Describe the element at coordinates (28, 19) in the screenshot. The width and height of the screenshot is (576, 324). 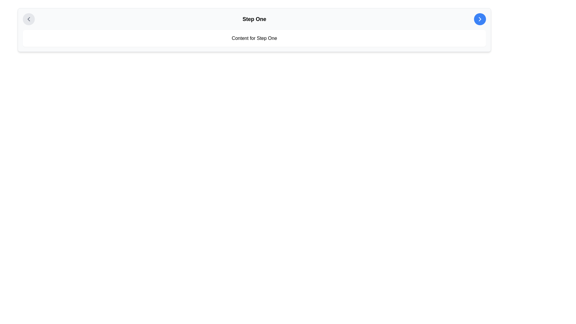
I see `the left-pointing chevron button that navigates to the previous step or page` at that location.